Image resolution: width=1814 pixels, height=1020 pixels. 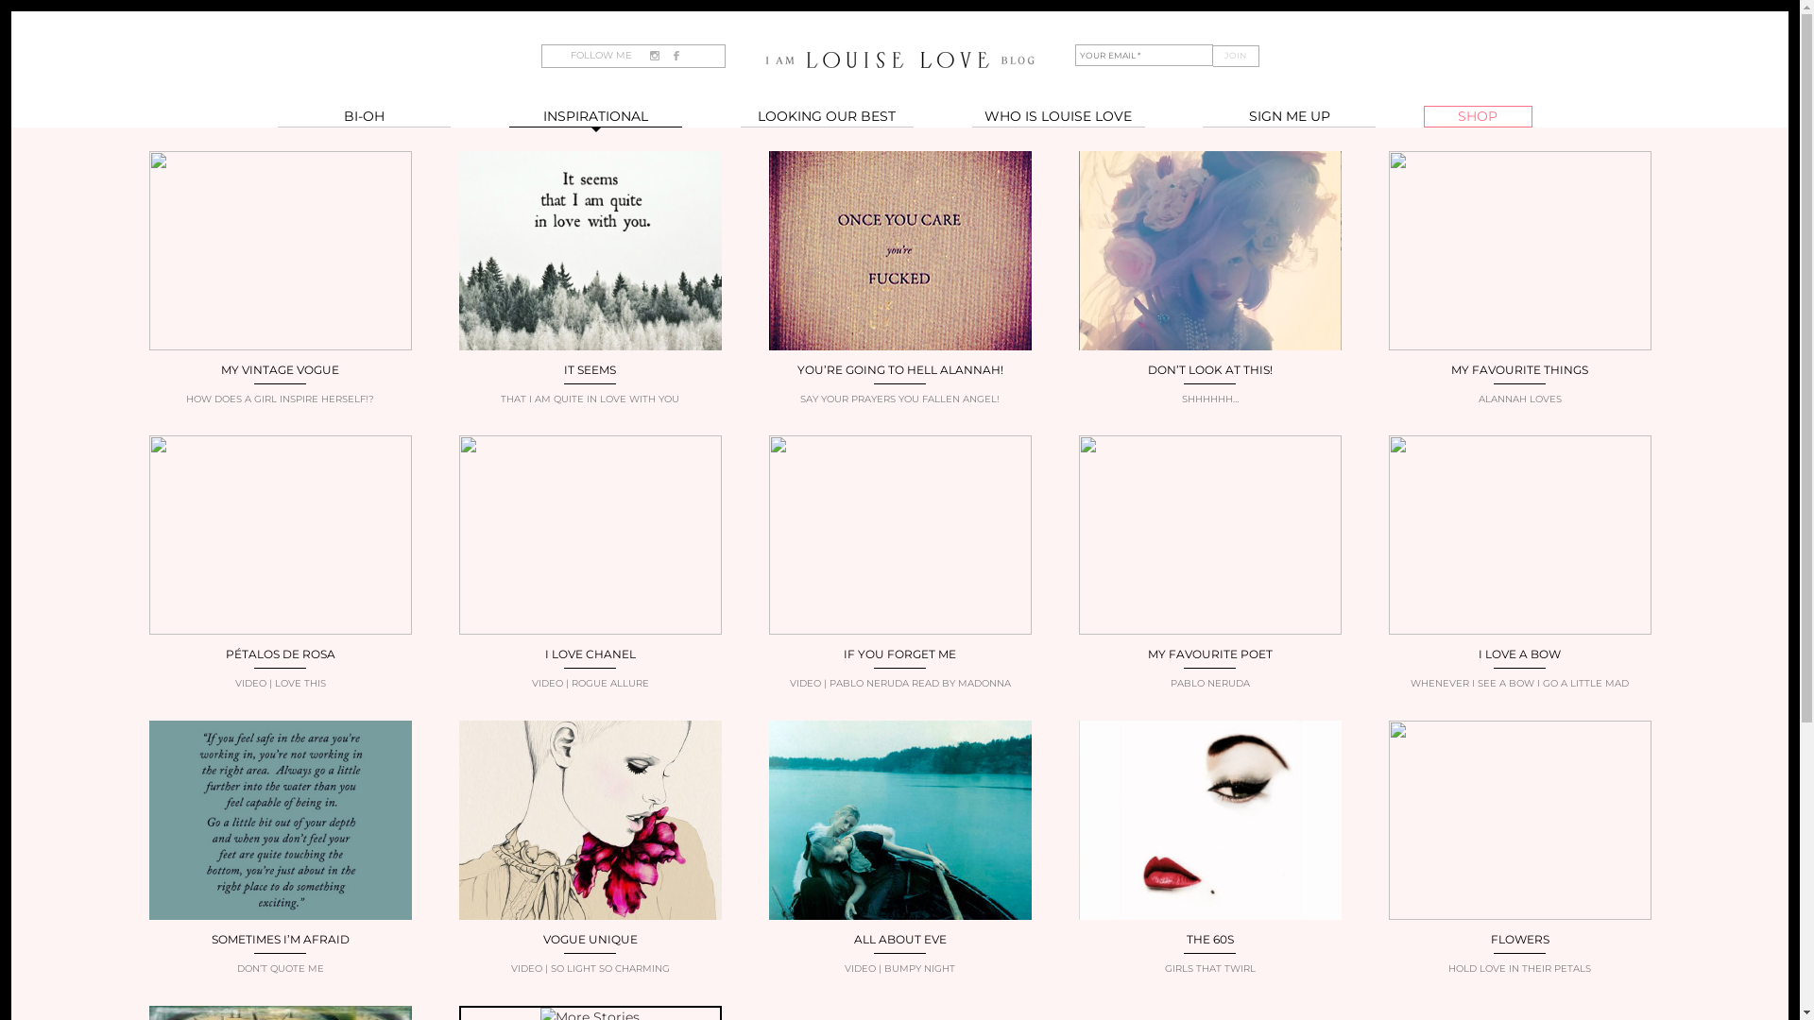 What do you see at coordinates (842, 653) in the screenshot?
I see `'IF YOU FORGET ME'` at bounding box center [842, 653].